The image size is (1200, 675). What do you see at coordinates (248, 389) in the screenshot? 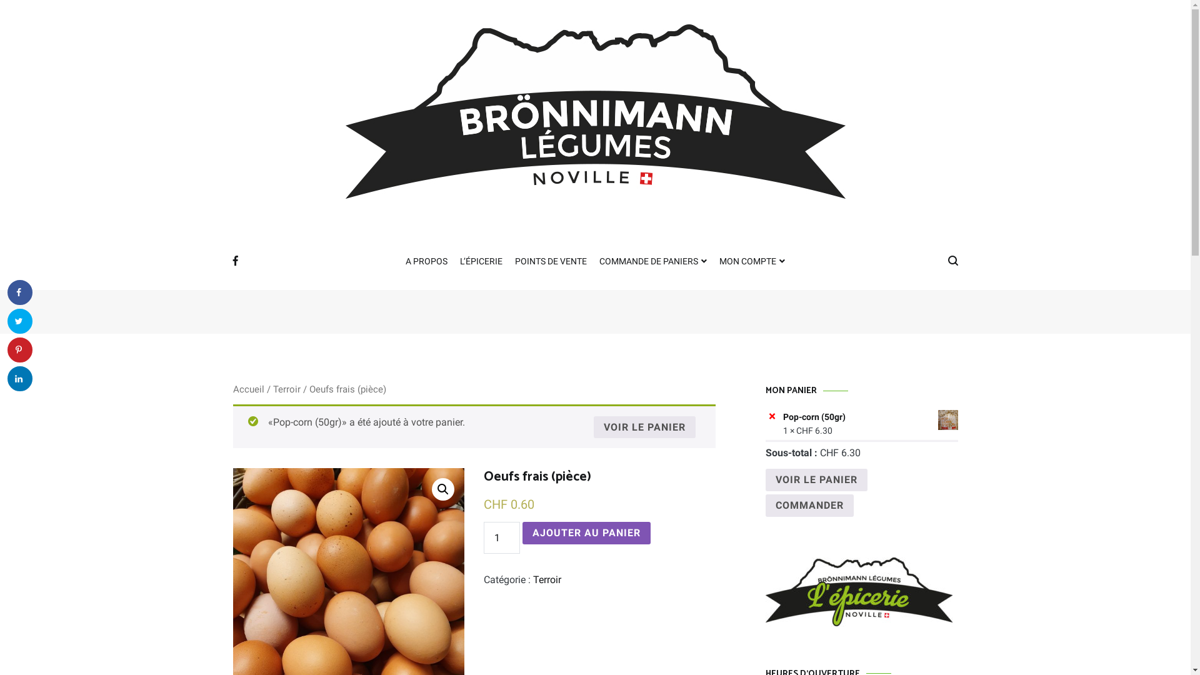
I see `'Accueil'` at bounding box center [248, 389].